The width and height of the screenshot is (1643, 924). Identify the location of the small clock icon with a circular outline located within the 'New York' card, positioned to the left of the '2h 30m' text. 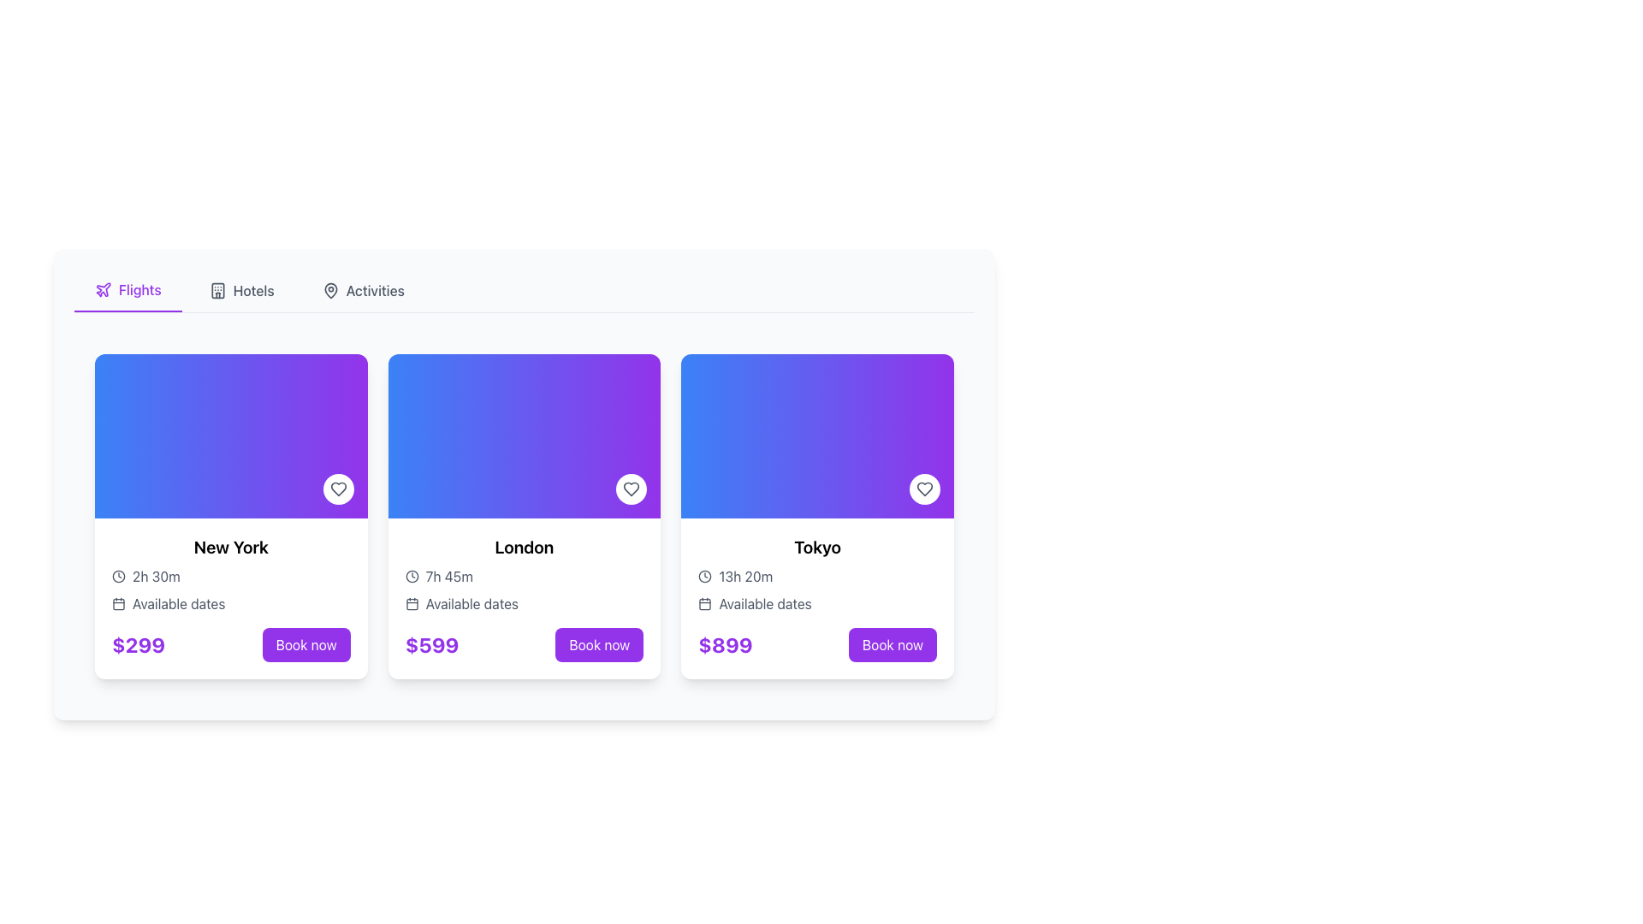
(118, 577).